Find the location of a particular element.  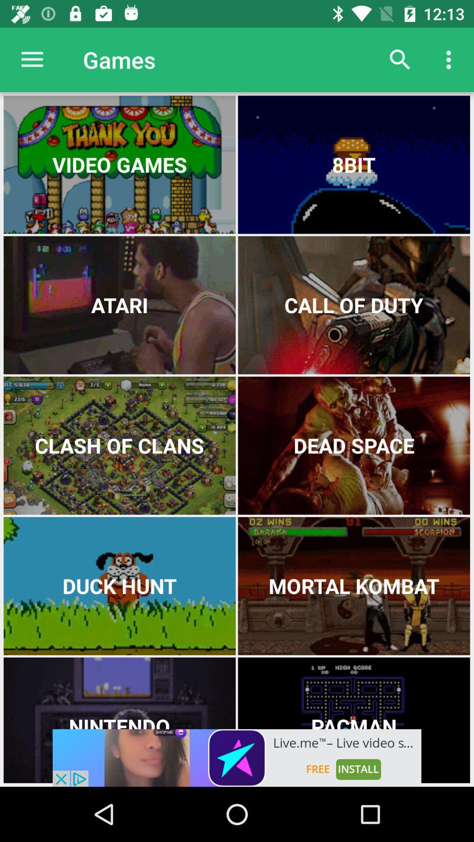

the icon next to games icon is located at coordinates (32, 59).